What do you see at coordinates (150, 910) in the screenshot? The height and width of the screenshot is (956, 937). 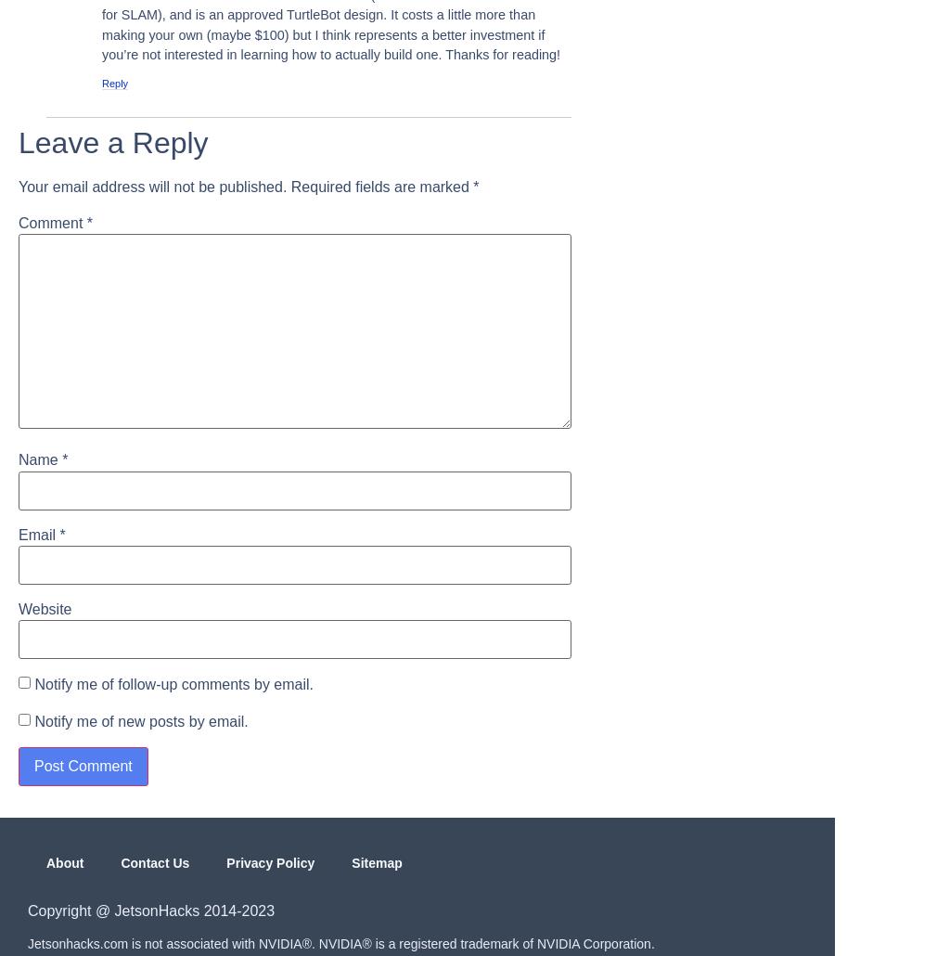 I see `'Copyright @ JetsonHacks 2014-2023'` at bounding box center [150, 910].